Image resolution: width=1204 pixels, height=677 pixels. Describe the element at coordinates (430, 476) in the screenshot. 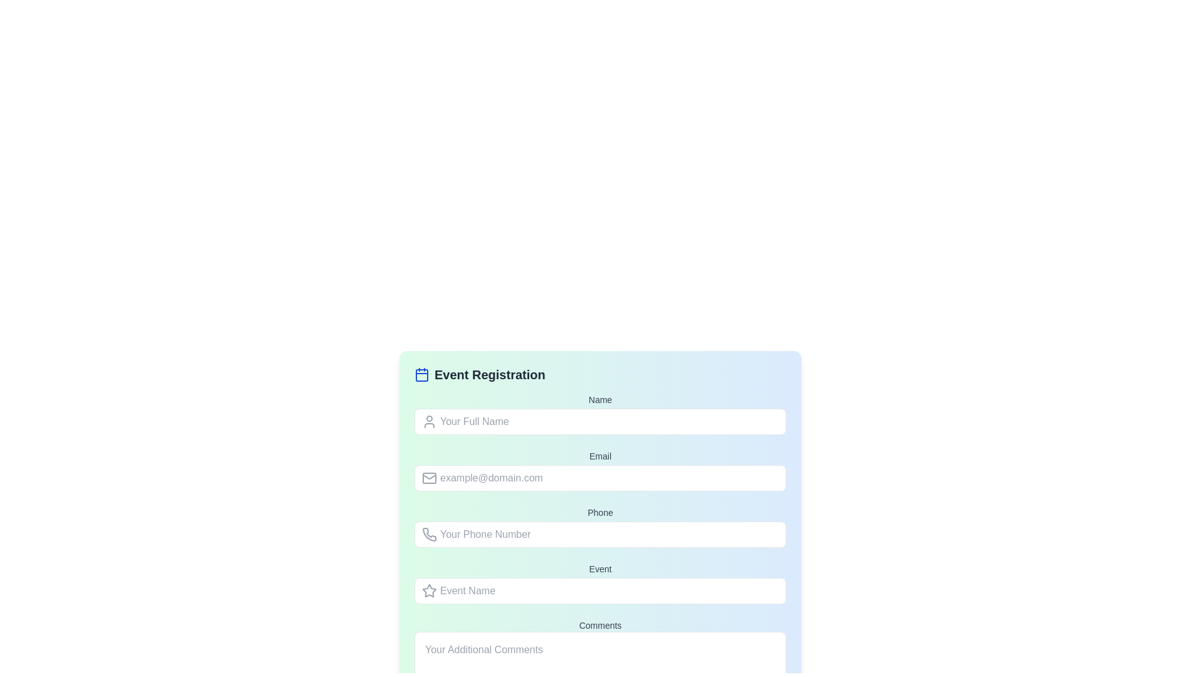

I see `the small triangular graphical element that resembles a fold of the envelope, part of the email-related SVG icon located to the left of the 'example@domain.com' input field` at that location.